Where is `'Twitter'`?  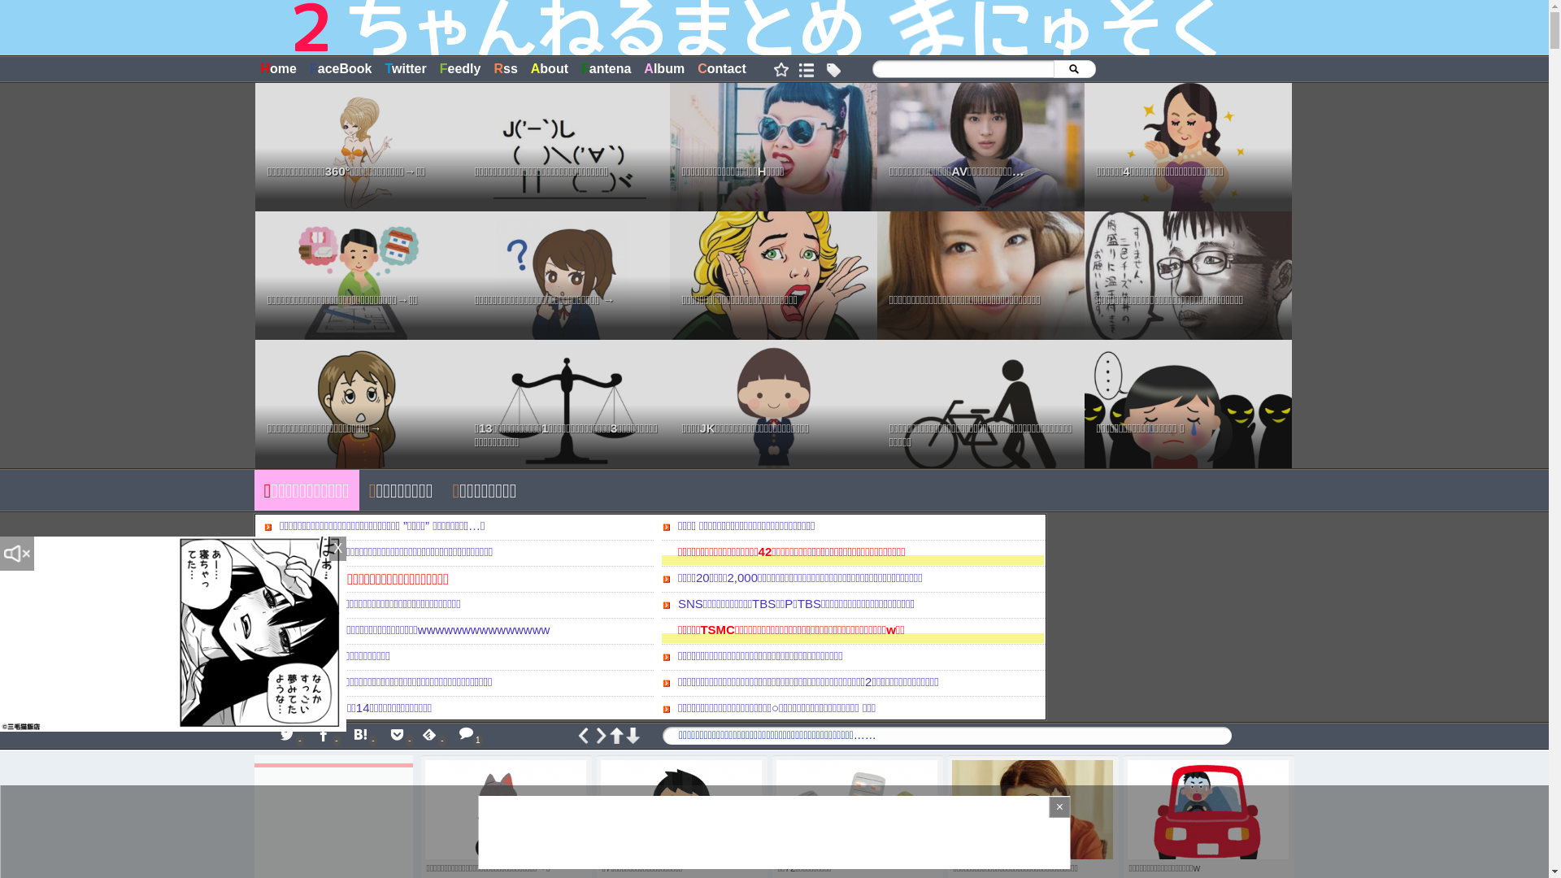 'Twitter' is located at coordinates (377, 67).